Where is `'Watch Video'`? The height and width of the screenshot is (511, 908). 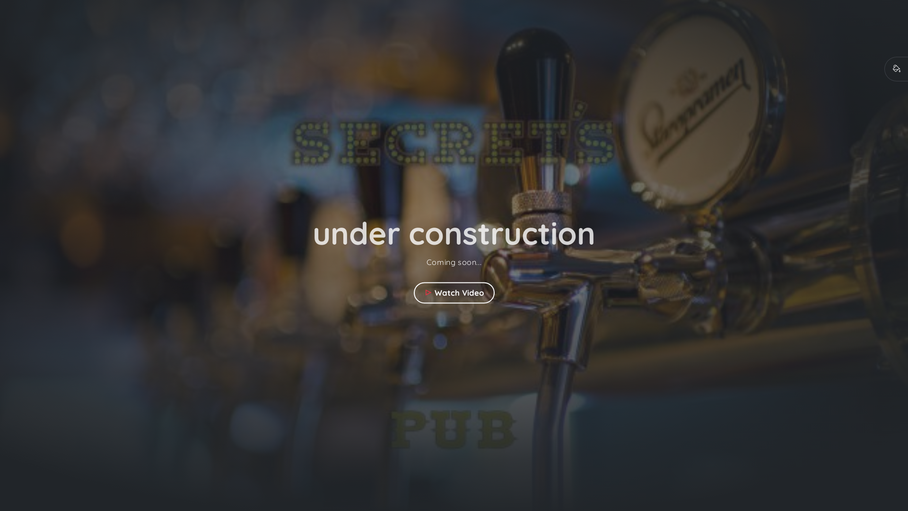 'Watch Video' is located at coordinates (453, 292).